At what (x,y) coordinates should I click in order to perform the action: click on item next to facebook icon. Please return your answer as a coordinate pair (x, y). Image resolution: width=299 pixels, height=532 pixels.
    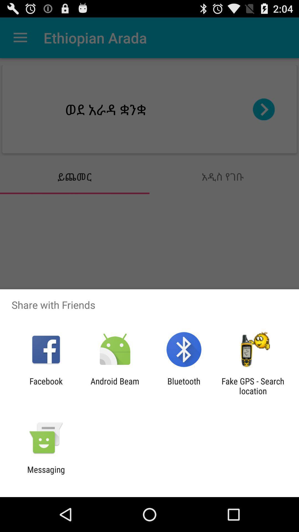
    Looking at the image, I should click on (115, 386).